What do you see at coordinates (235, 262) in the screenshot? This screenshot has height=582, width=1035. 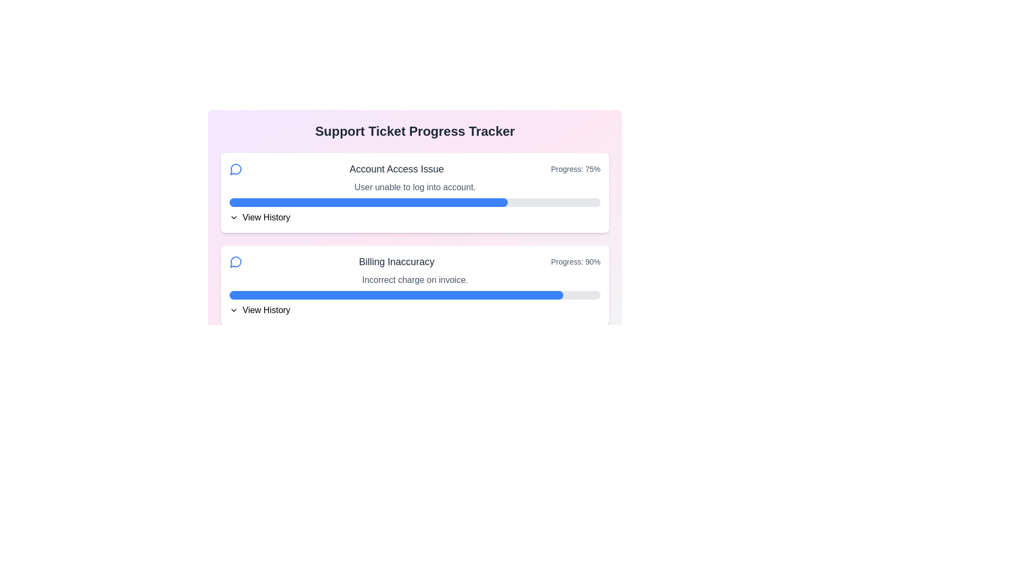 I see `the speech bubble icon located at the top-left of the 'Account Access Issue' card, which is a decorative graphic element styled with a blue outline` at bounding box center [235, 262].